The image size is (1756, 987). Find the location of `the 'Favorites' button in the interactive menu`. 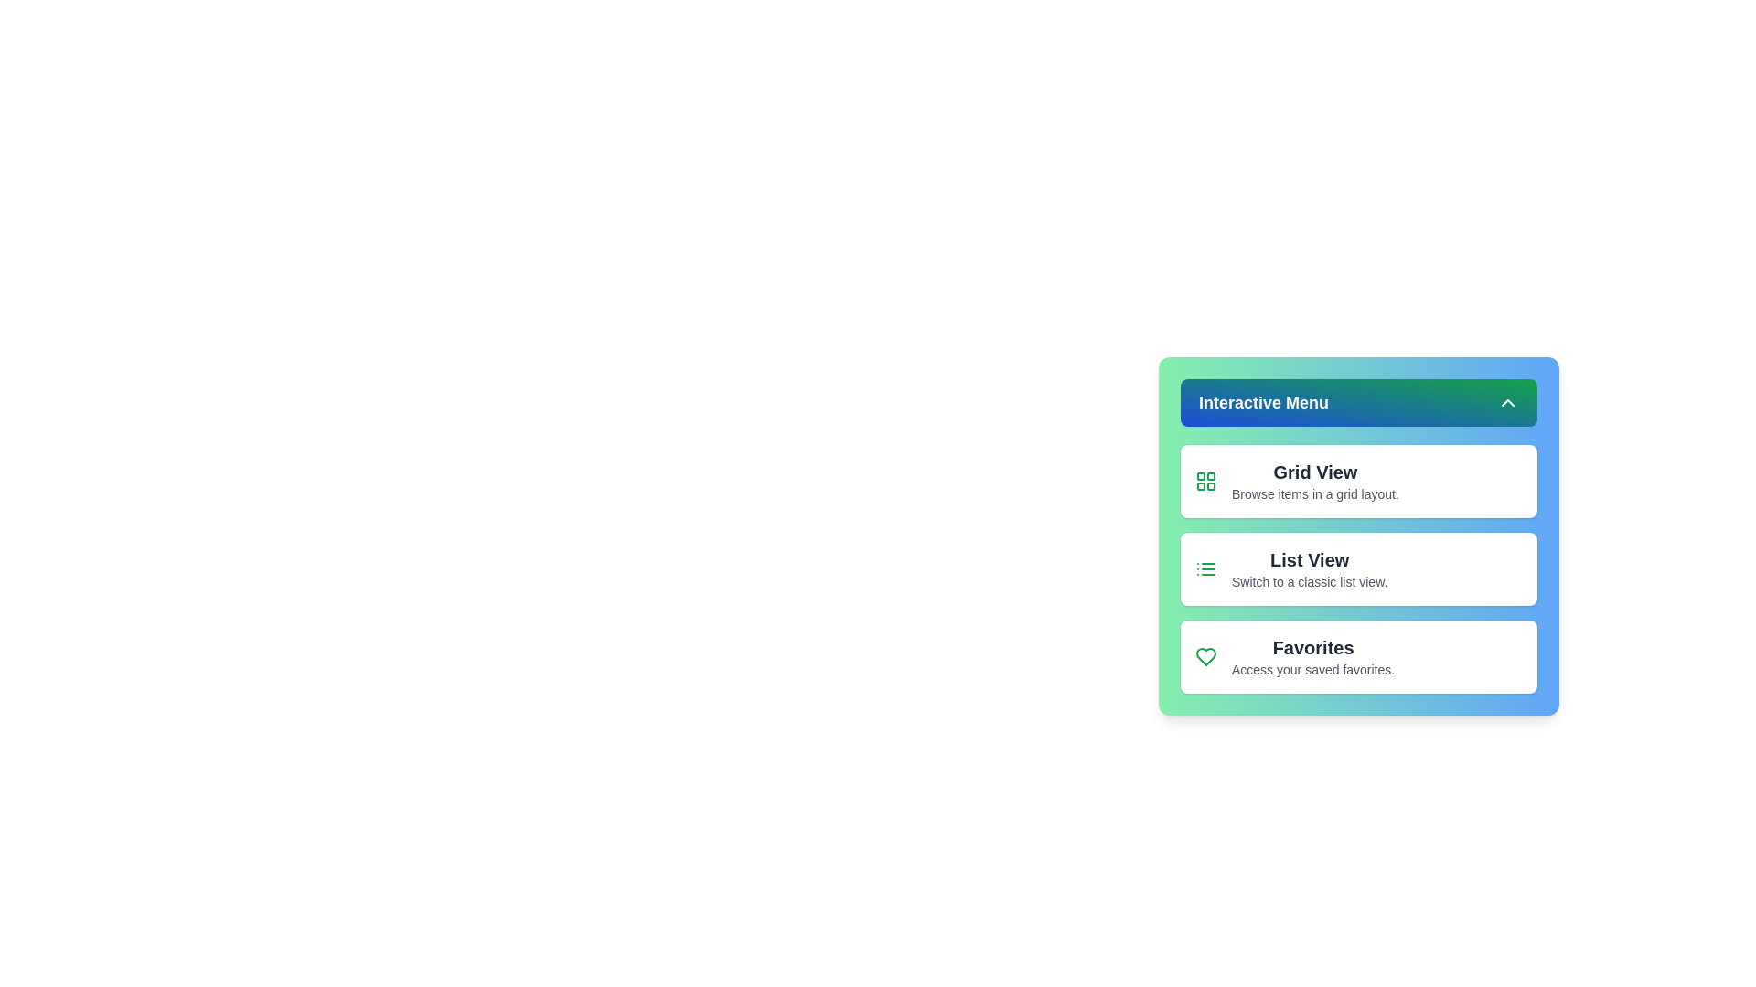

the 'Favorites' button in the interactive menu is located at coordinates (1359, 655).